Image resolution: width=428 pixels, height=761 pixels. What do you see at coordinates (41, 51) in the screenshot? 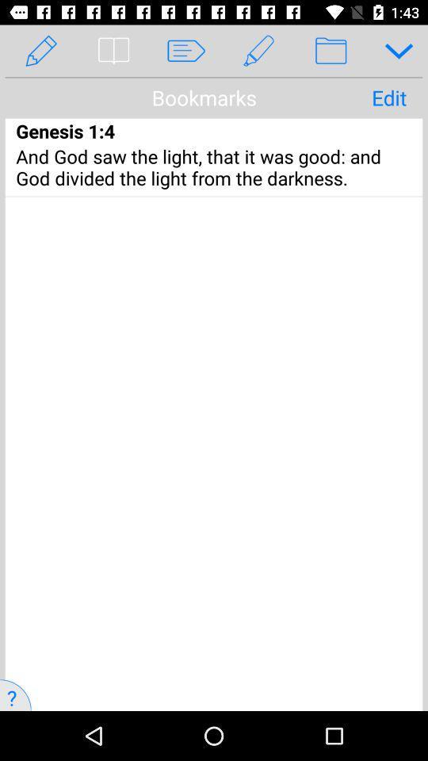
I see `the edit icon` at bounding box center [41, 51].